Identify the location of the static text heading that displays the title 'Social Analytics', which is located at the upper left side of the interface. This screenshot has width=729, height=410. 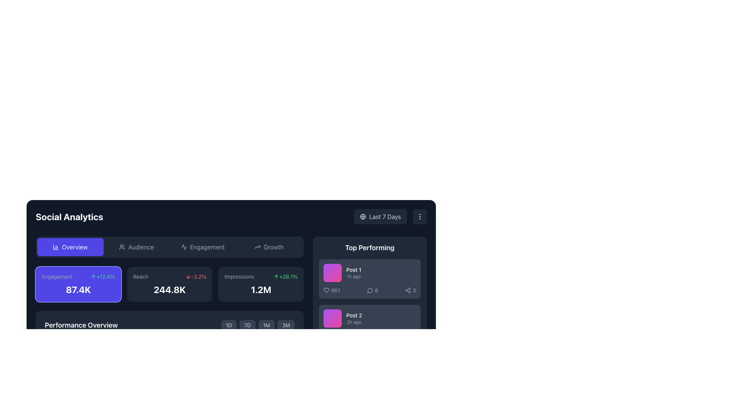
(69, 216).